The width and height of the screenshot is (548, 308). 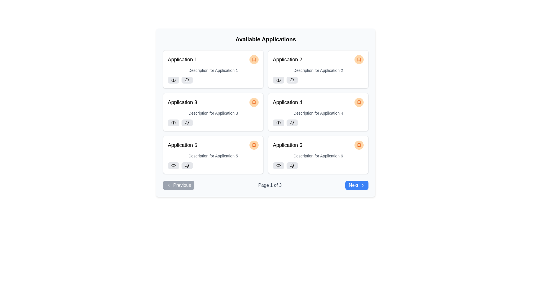 What do you see at coordinates (253, 102) in the screenshot?
I see `the bookmark button located in the top-right corner of the card labeled 'Application 3'` at bounding box center [253, 102].